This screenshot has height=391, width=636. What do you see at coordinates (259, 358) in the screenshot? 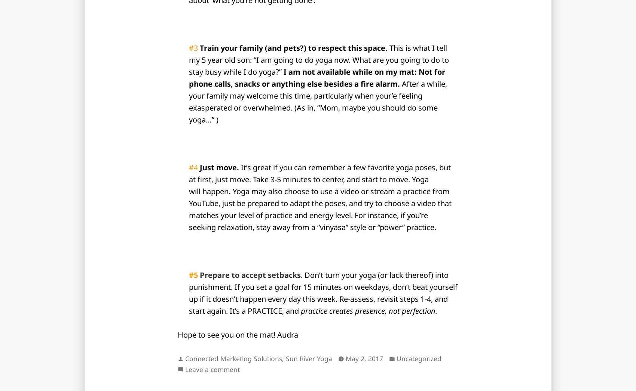
I see `'Connected Marketing Solutions, Sun River Yoga'` at bounding box center [259, 358].